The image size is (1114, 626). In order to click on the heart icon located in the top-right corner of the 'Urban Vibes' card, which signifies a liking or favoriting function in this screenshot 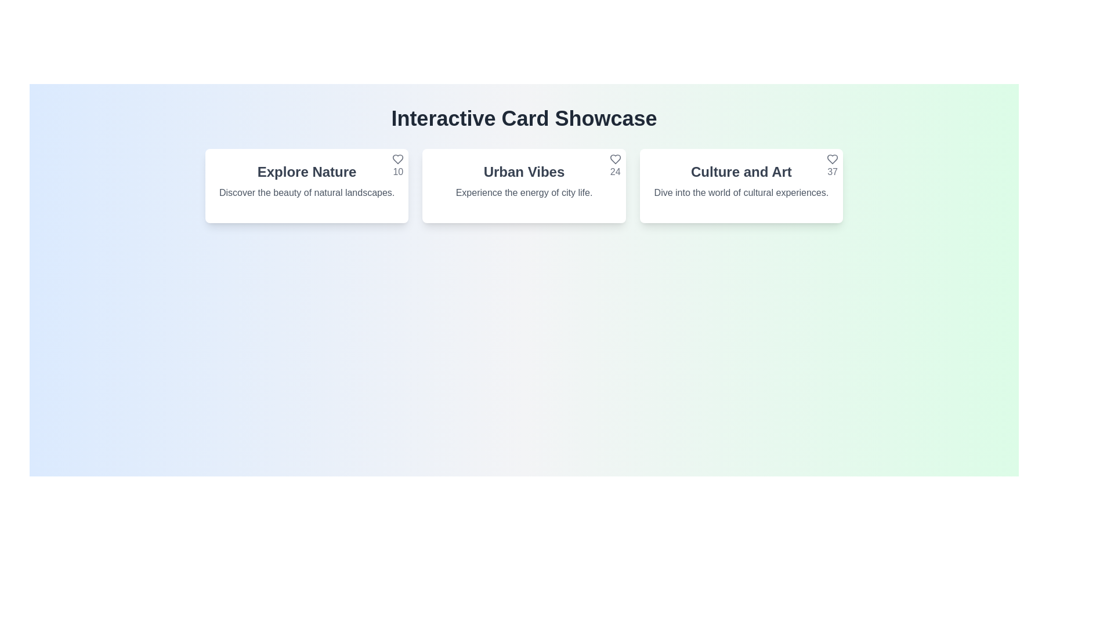, I will do `click(614, 159)`.